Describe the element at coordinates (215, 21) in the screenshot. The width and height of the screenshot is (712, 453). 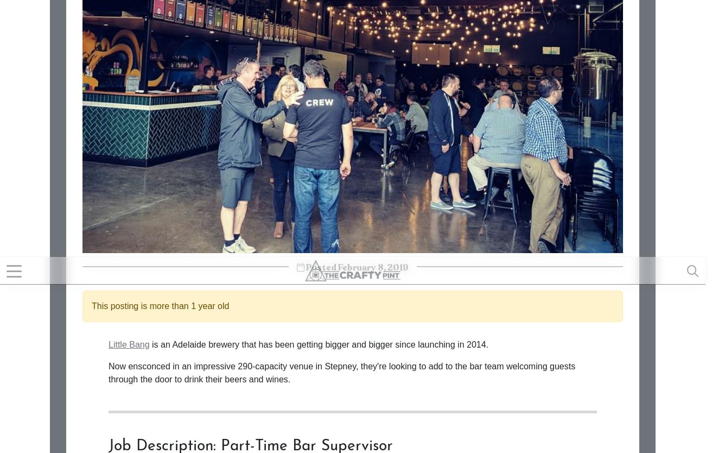
I see `'Some experience leading a team or individuals'` at that location.